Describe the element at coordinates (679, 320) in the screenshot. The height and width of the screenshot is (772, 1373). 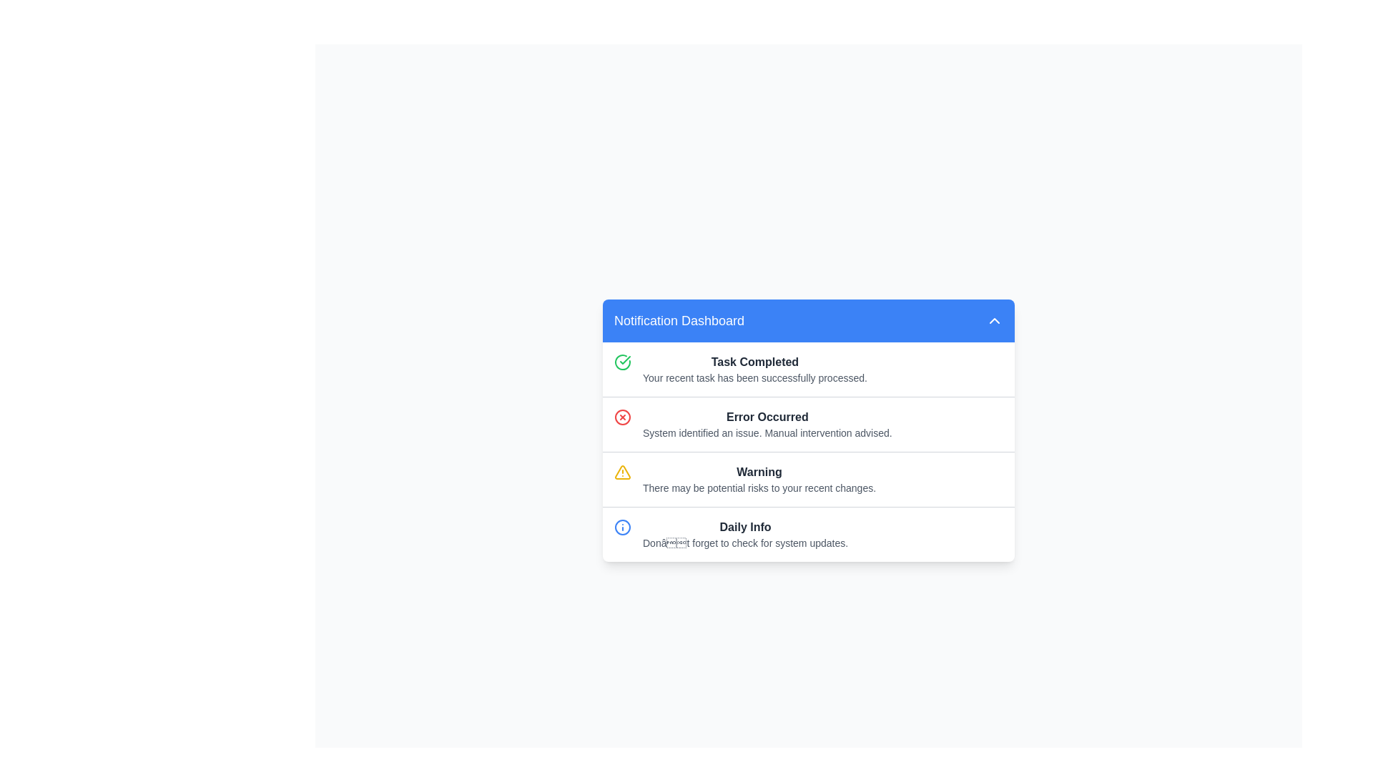
I see `the 'Notification Dashboard' text label, which is a bold, large font element located on the top-left side of the blue banner header, next to an interactive chevron icon` at that location.